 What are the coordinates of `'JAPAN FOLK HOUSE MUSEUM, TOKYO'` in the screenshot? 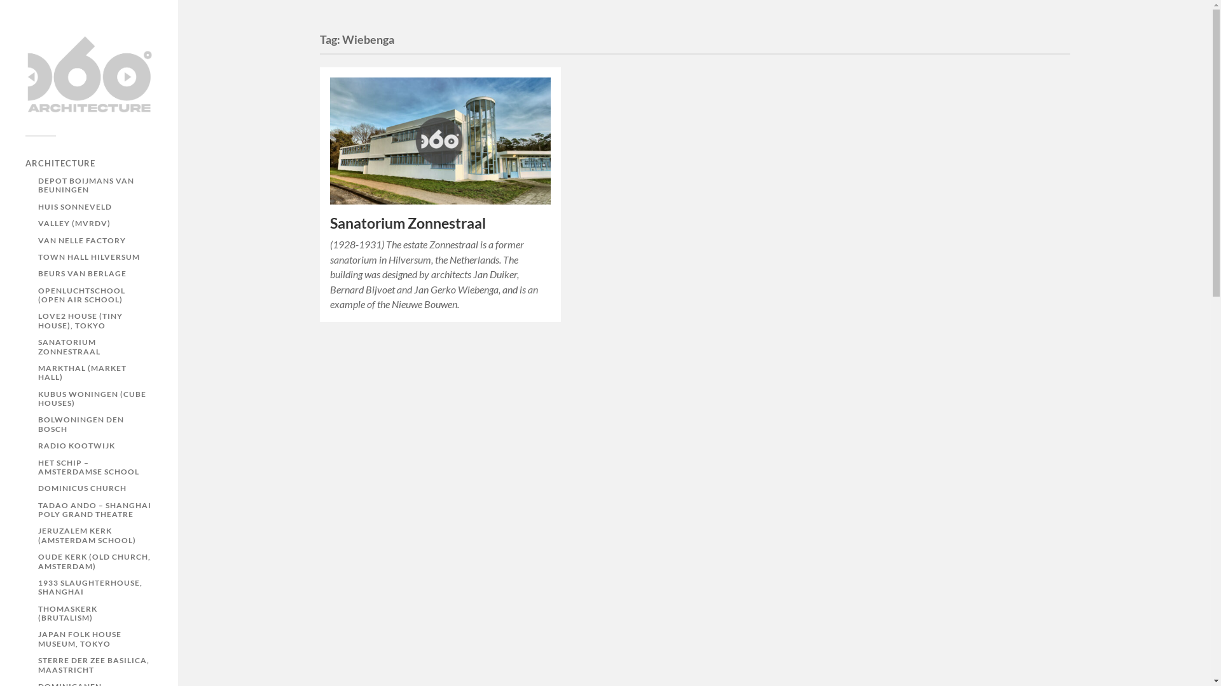 It's located at (79, 638).